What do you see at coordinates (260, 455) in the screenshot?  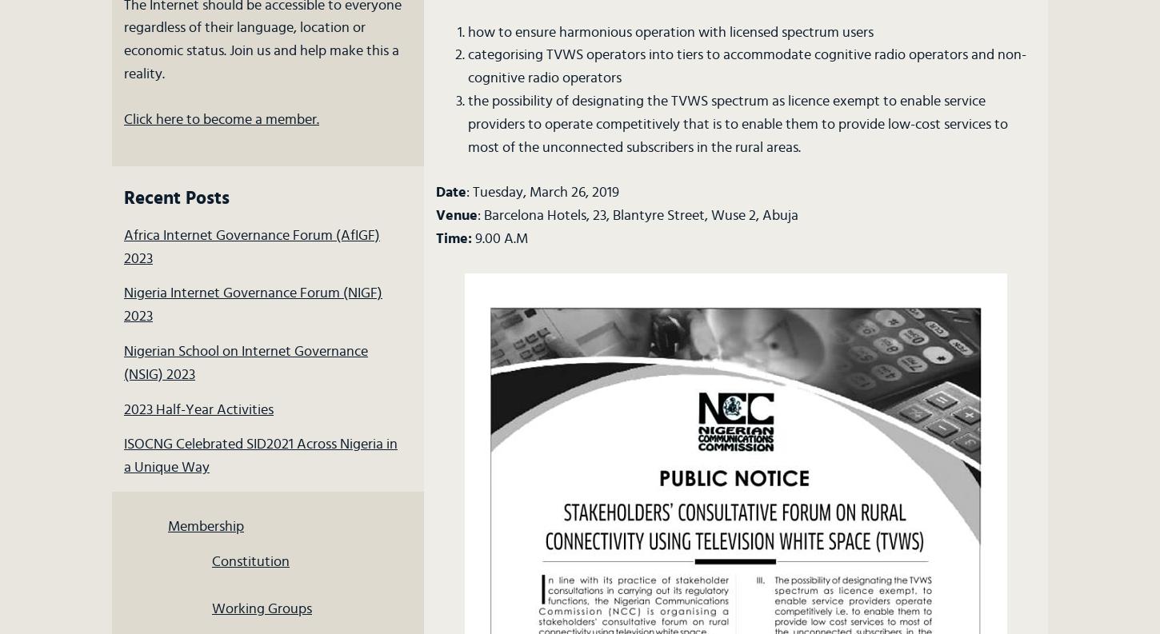 I see `'ISOCNG Celebrated SID2021 Across Nigeria in a Unique Way'` at bounding box center [260, 455].